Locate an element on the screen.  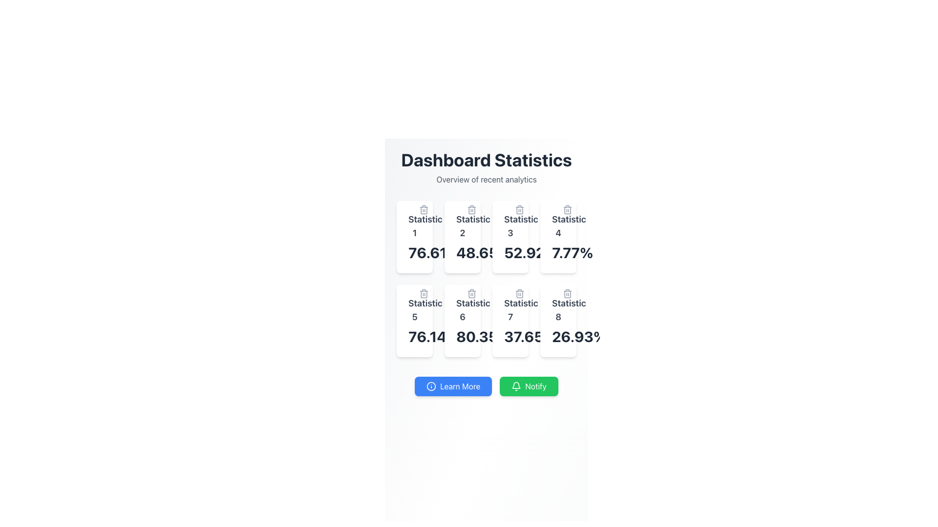
the informational card displaying 'Statistic 6' with the value '80.35%', located in the second row, second column of the 2x4 grid is located at coordinates (462, 321).